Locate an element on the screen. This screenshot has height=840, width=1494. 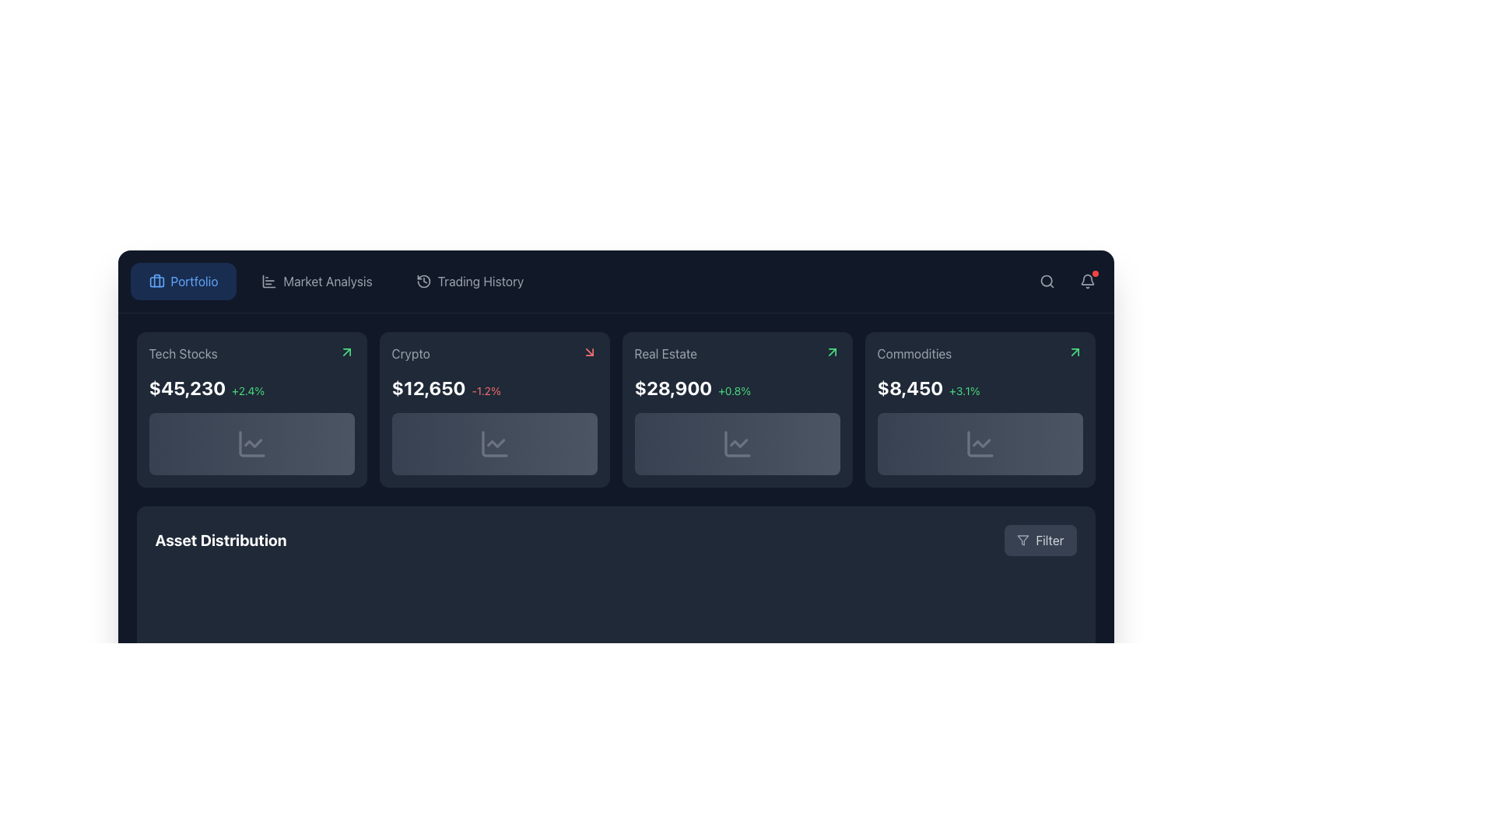
the second card in the grid that summarizes the 'Crypto' financial asset, which displays its current value and percentage change is located at coordinates (493, 409).